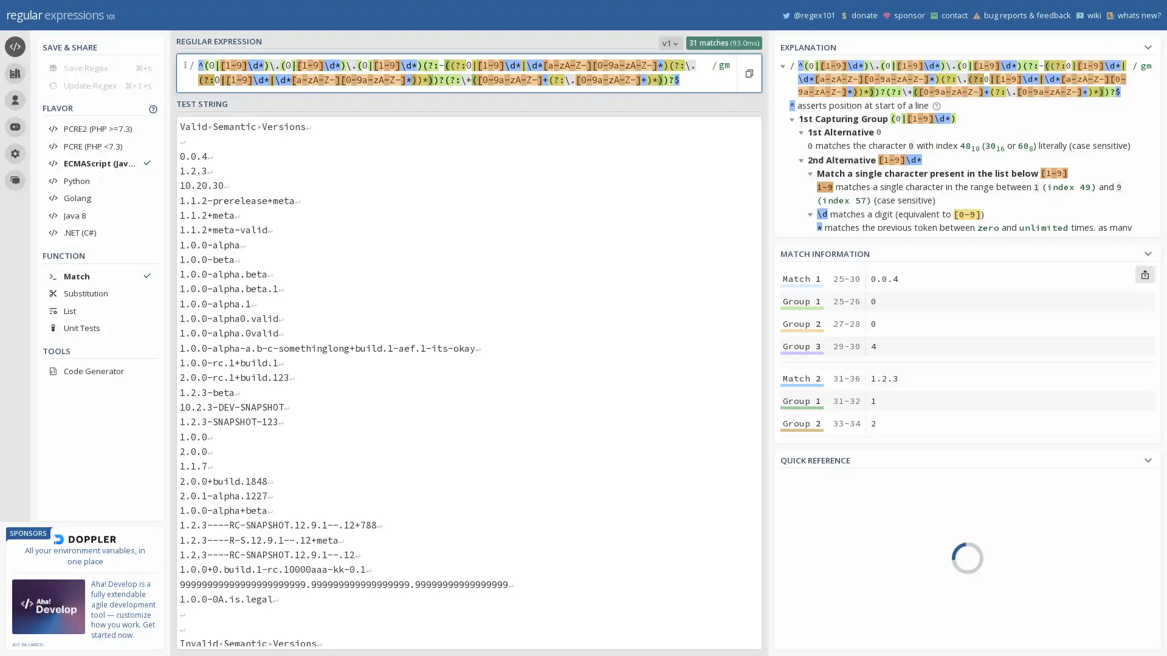 This screenshot has height=656, width=1167. Describe the element at coordinates (967, 45) in the screenshot. I see `EXPLANATION` at that location.